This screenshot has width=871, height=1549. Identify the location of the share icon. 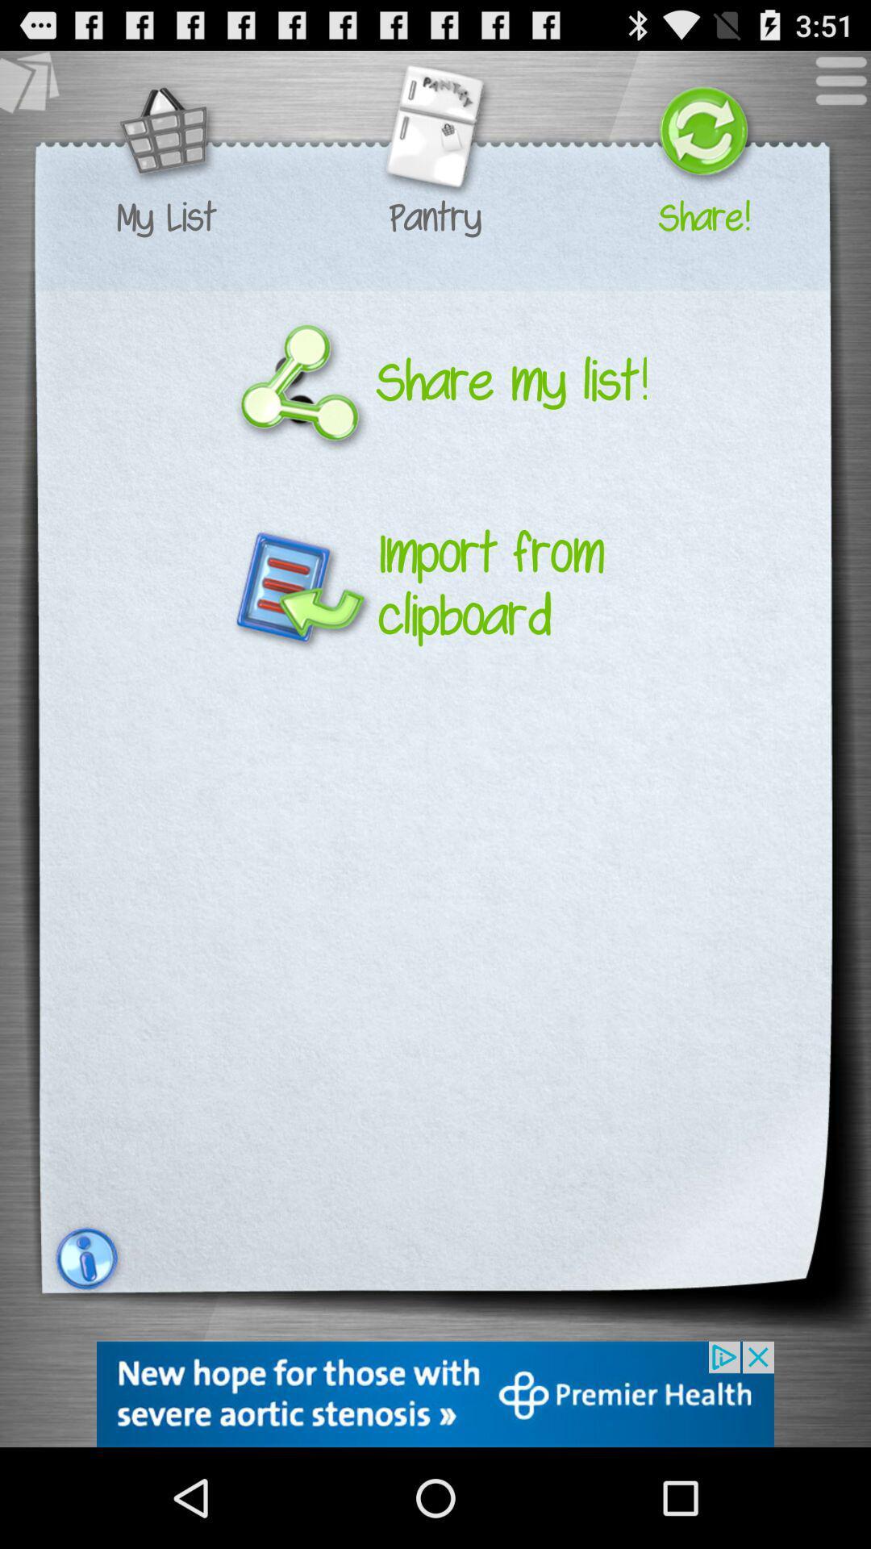
(702, 134).